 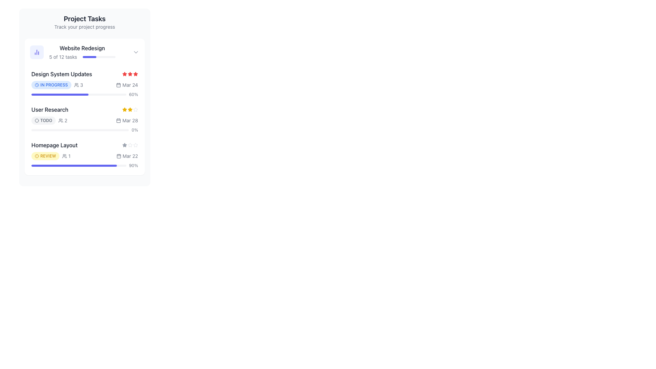 What do you see at coordinates (119, 156) in the screenshot?
I see `the rectangular shape with rounded corners representing a calendar date, located next to the 'Homepage Layout' task's due date in the task list interface` at bounding box center [119, 156].